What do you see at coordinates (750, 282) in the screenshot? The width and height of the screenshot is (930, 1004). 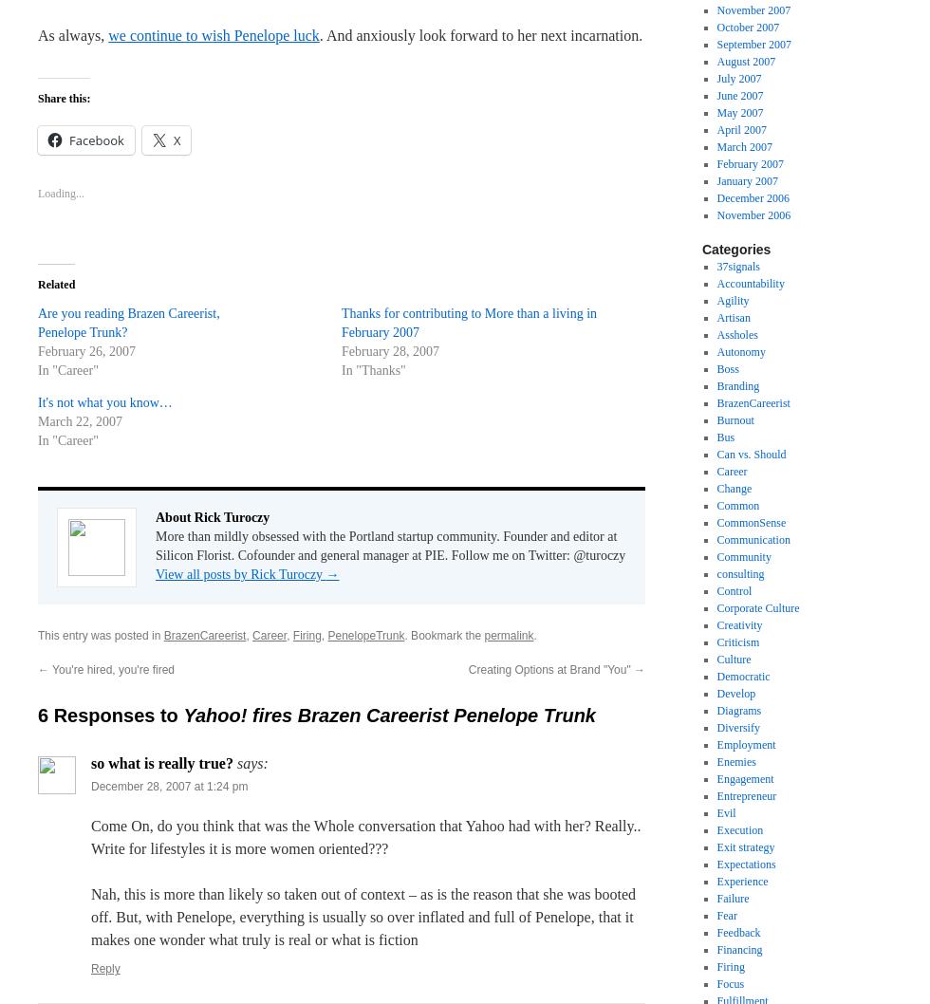 I see `'Accountability'` at bounding box center [750, 282].